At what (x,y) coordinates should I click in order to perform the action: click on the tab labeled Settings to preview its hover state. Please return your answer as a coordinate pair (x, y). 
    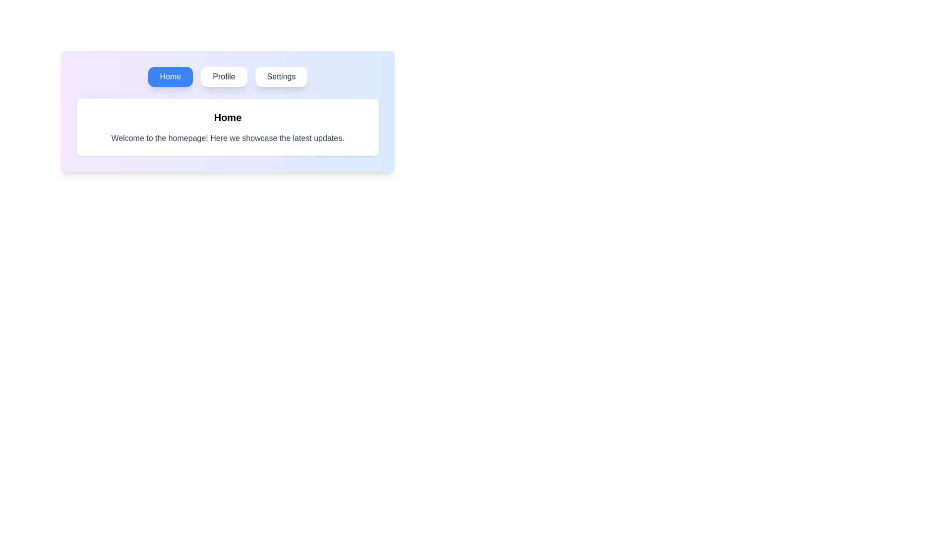
    Looking at the image, I should click on (281, 76).